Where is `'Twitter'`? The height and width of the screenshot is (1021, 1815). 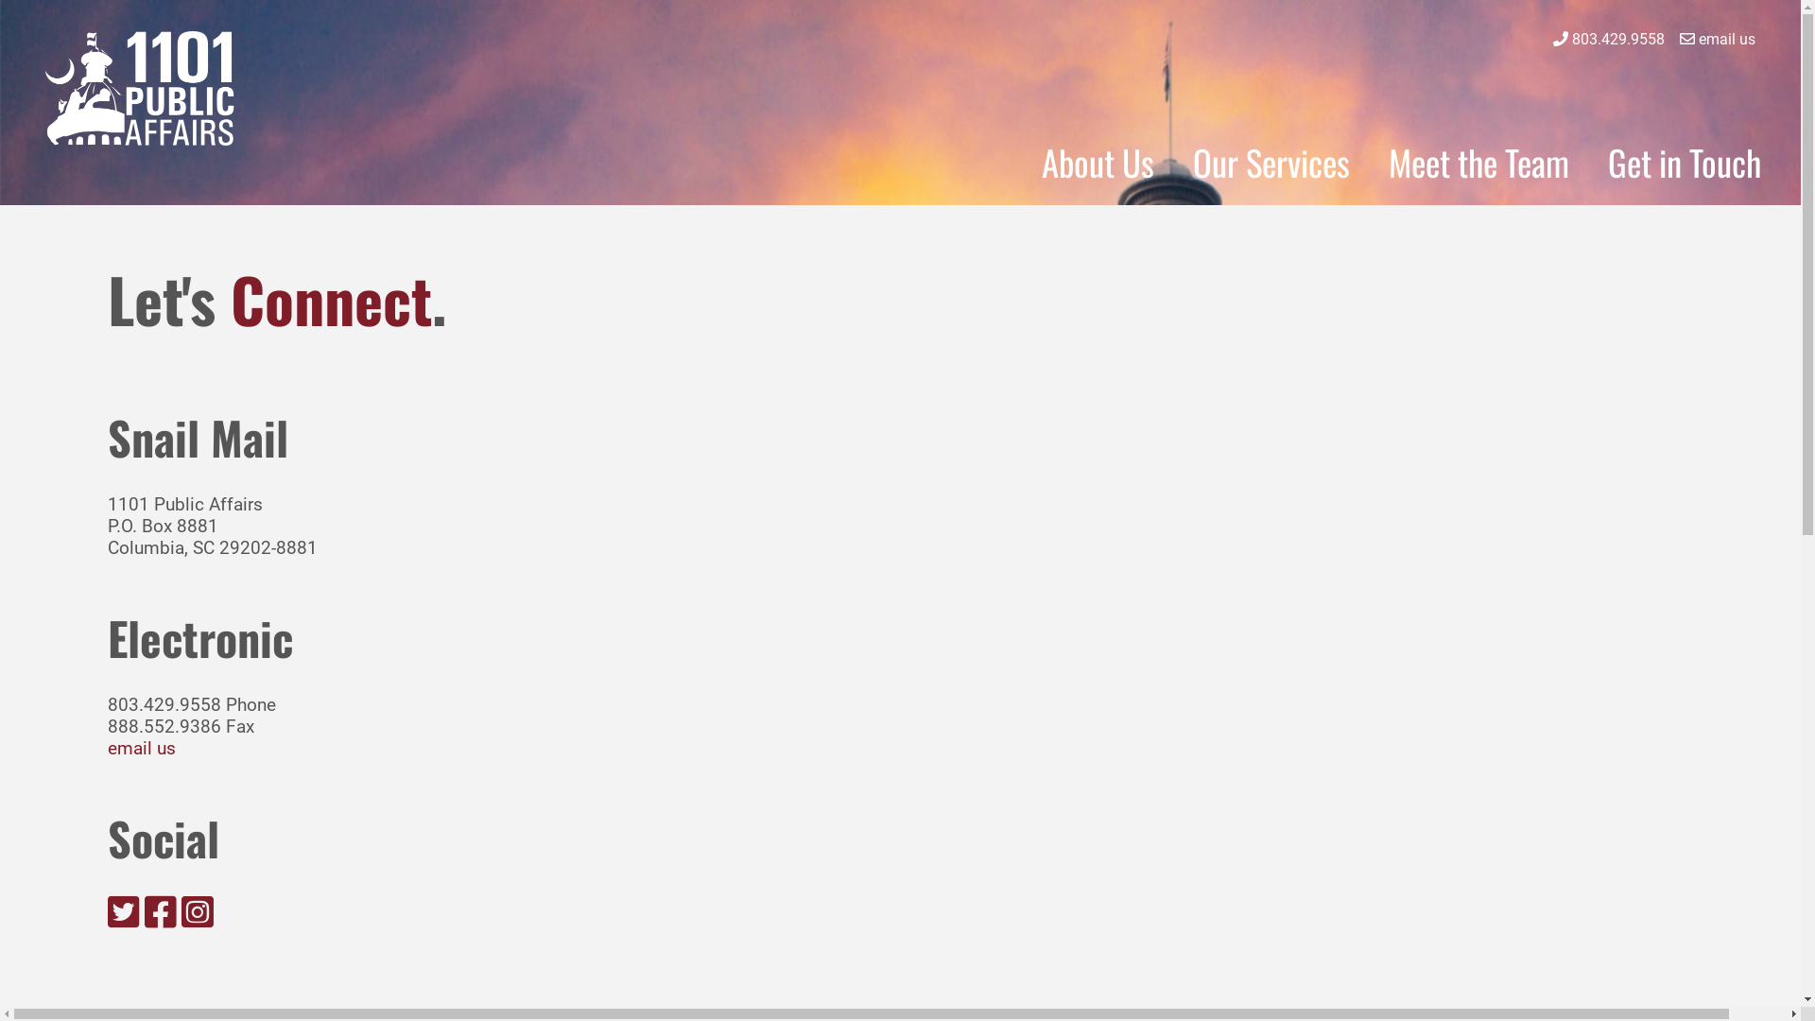 'Twitter' is located at coordinates (122, 910).